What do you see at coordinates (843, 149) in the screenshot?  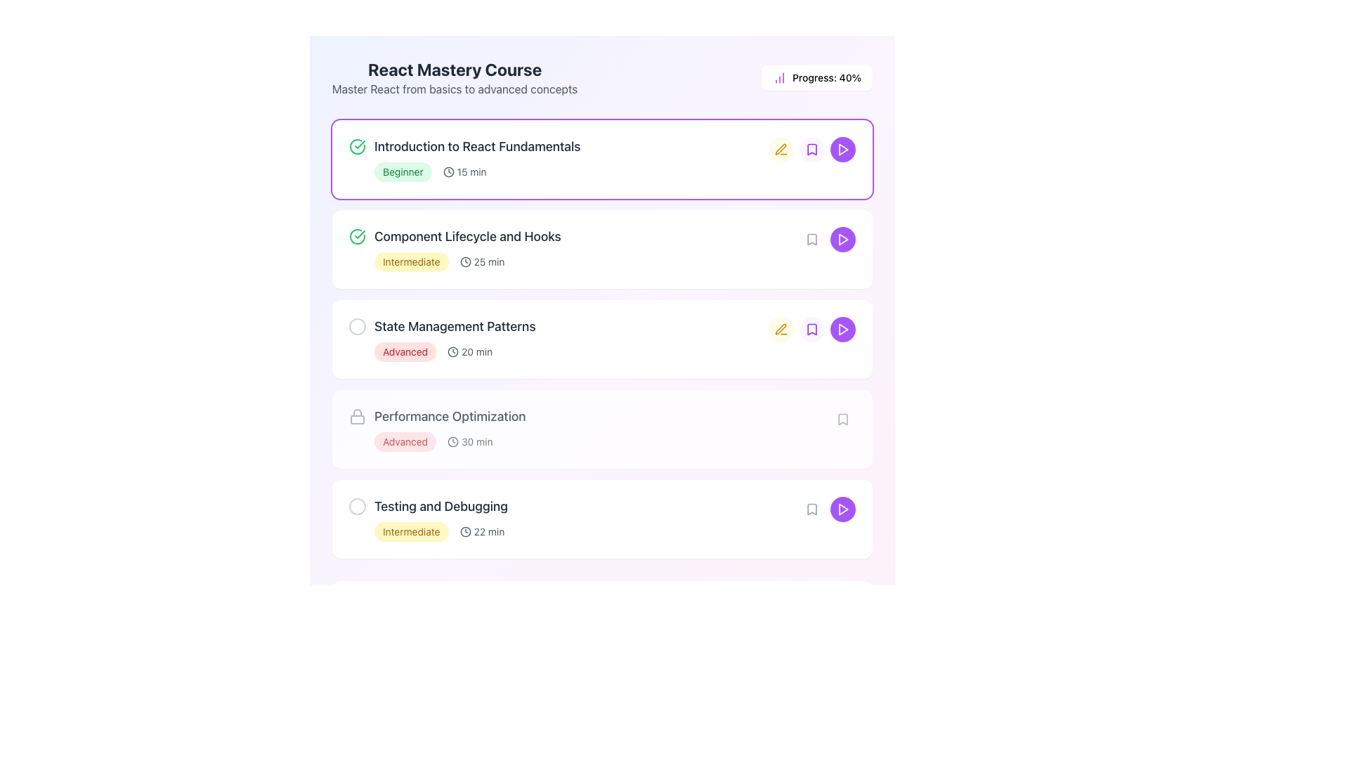 I see `the play button icon, which is a triangle pointing right within a circular purple background, located at the rightmost edge of the learning item 'Introduction to React Fundamentals'` at bounding box center [843, 149].